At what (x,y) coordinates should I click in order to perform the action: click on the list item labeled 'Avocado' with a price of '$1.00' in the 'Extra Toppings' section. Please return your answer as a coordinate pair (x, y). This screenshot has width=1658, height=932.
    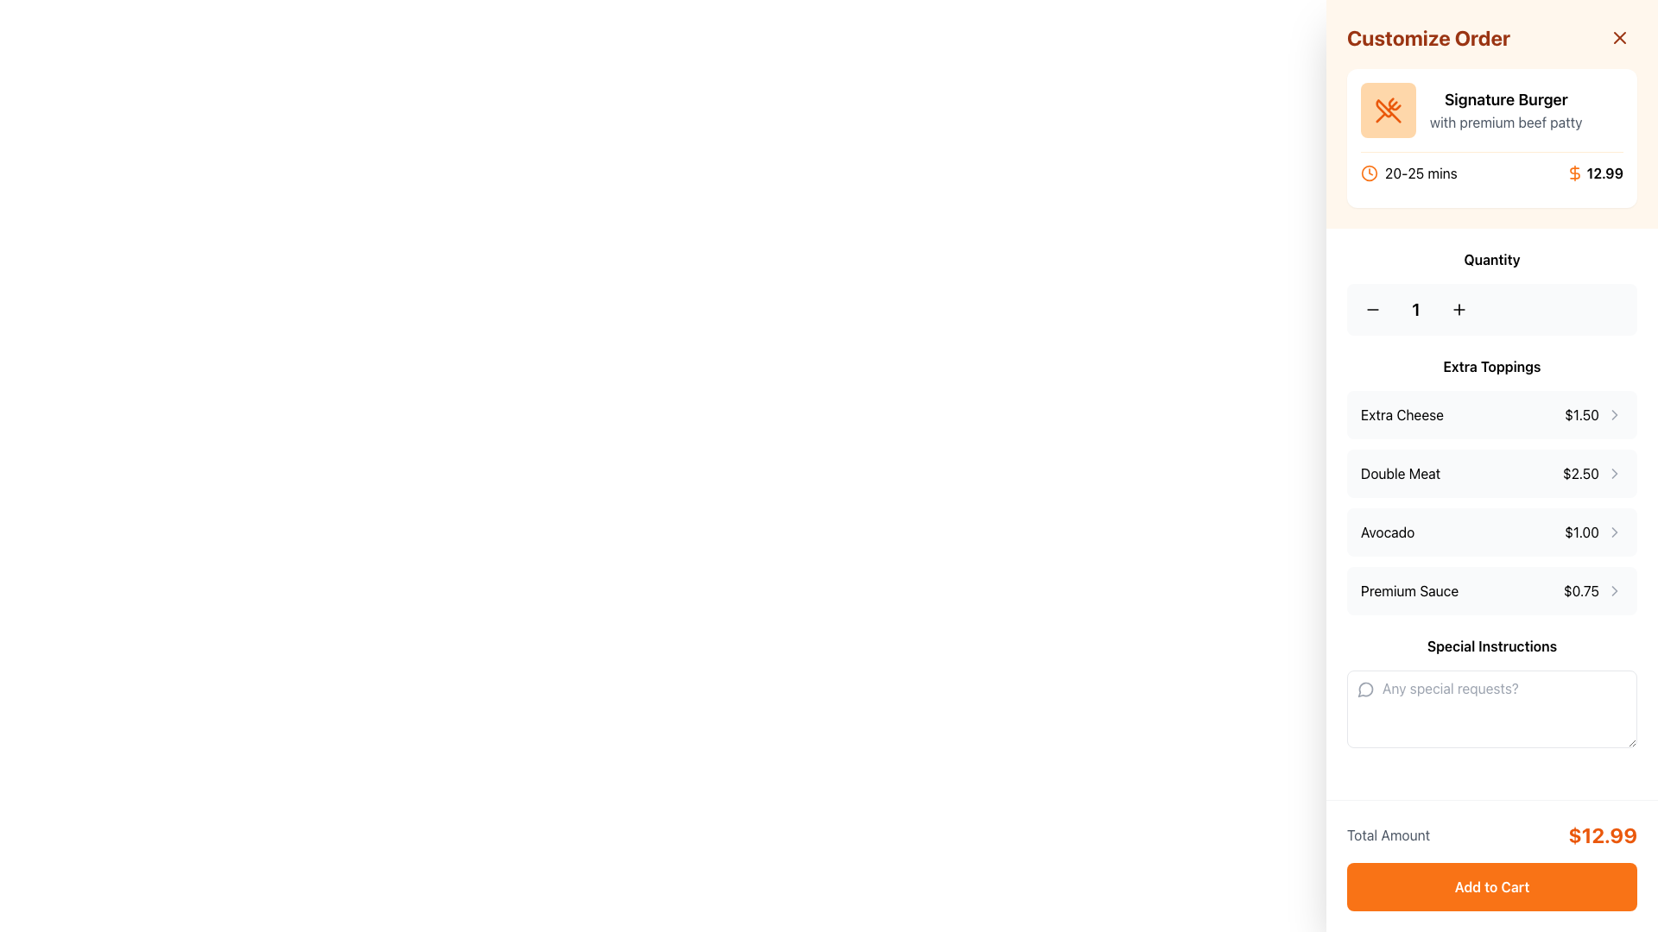
    Looking at the image, I should click on (1491, 502).